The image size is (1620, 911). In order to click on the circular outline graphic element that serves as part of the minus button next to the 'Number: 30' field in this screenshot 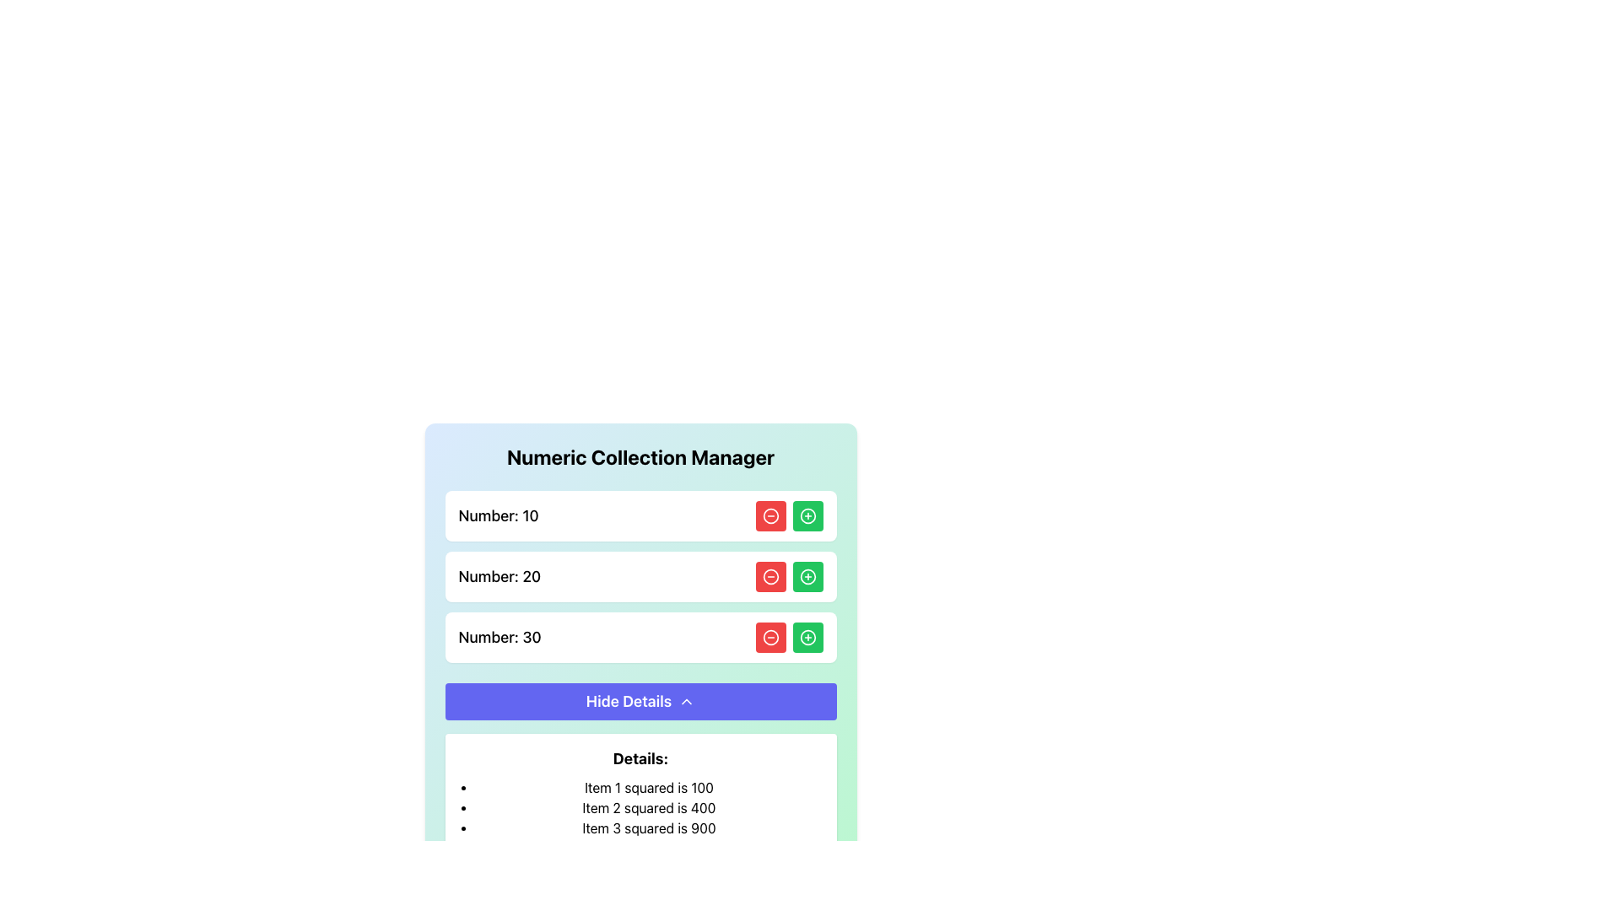, I will do `click(769, 638)`.